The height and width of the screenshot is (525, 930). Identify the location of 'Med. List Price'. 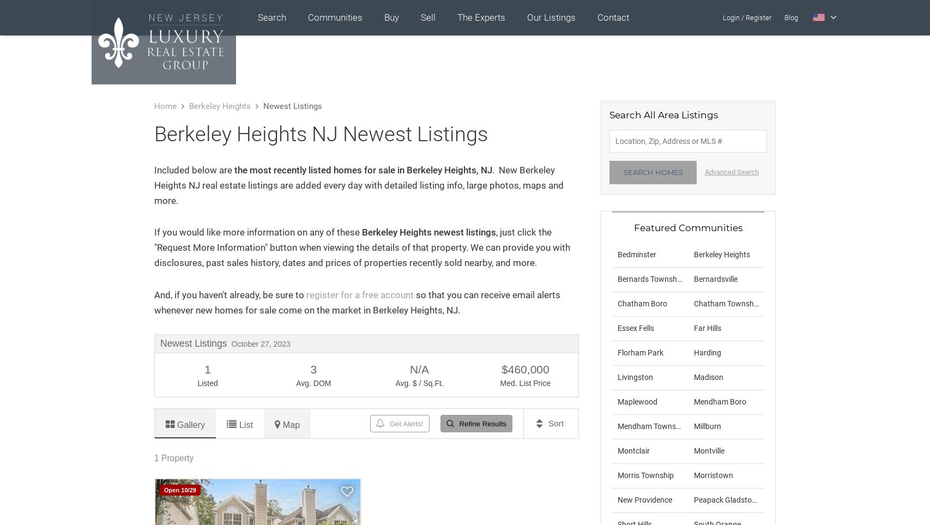
(525, 382).